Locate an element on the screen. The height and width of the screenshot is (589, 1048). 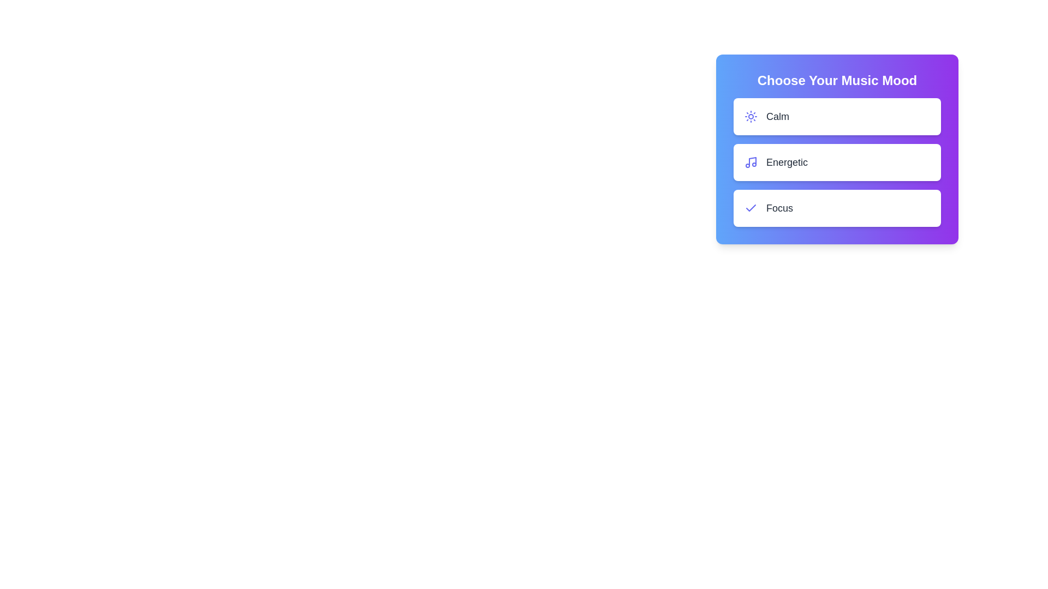
the text label displaying 'Energetic', which is styled with a large font size and dark gray color, located in the second block of selectable cards in a modal-like component is located at coordinates (787, 162).